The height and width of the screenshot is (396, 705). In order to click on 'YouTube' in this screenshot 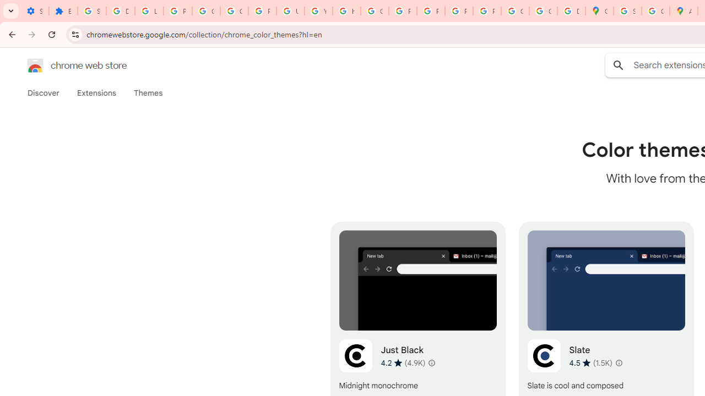, I will do `click(318, 11)`.